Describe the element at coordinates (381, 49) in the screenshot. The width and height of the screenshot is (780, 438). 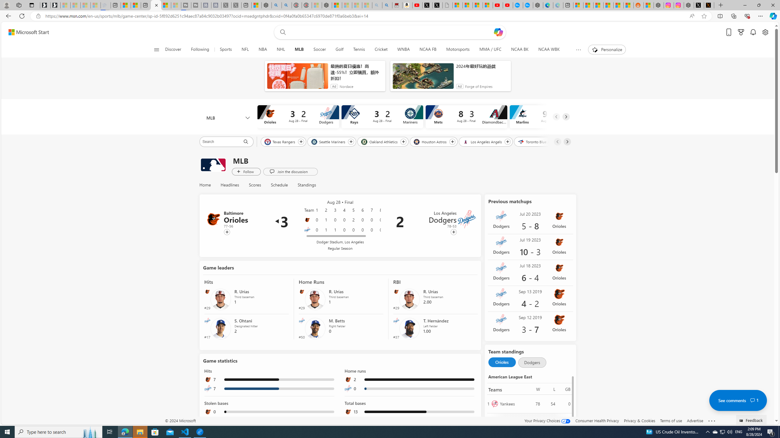
I see `'Cricket'` at that location.